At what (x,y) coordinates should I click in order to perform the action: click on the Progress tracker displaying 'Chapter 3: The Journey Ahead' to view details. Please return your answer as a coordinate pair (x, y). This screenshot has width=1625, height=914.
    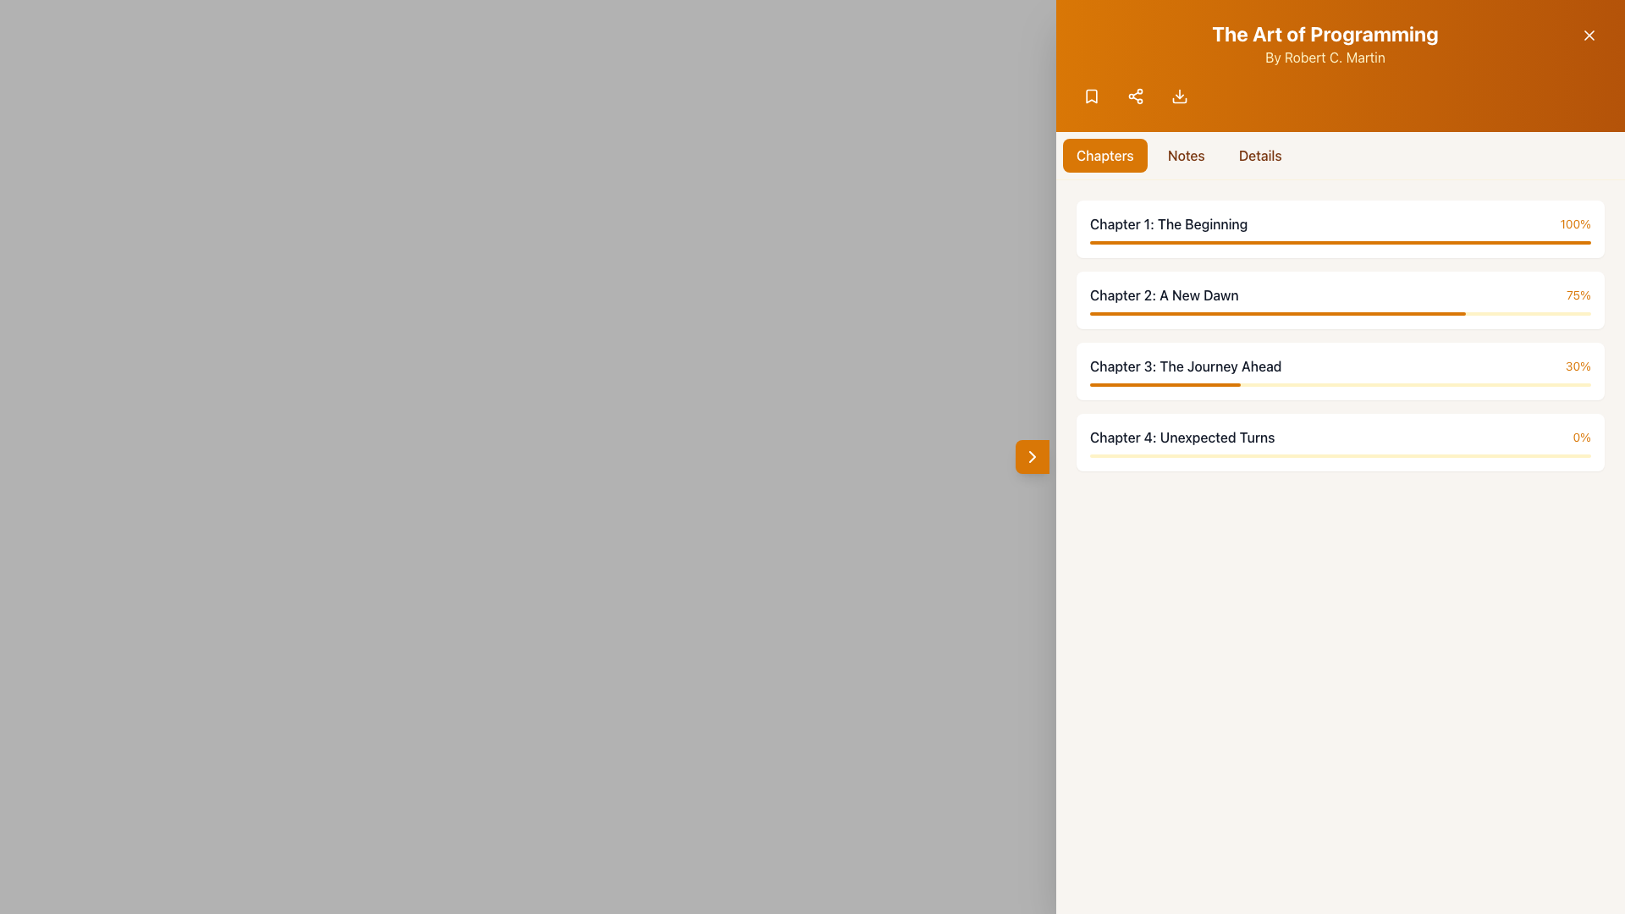
    Looking at the image, I should click on (1340, 371).